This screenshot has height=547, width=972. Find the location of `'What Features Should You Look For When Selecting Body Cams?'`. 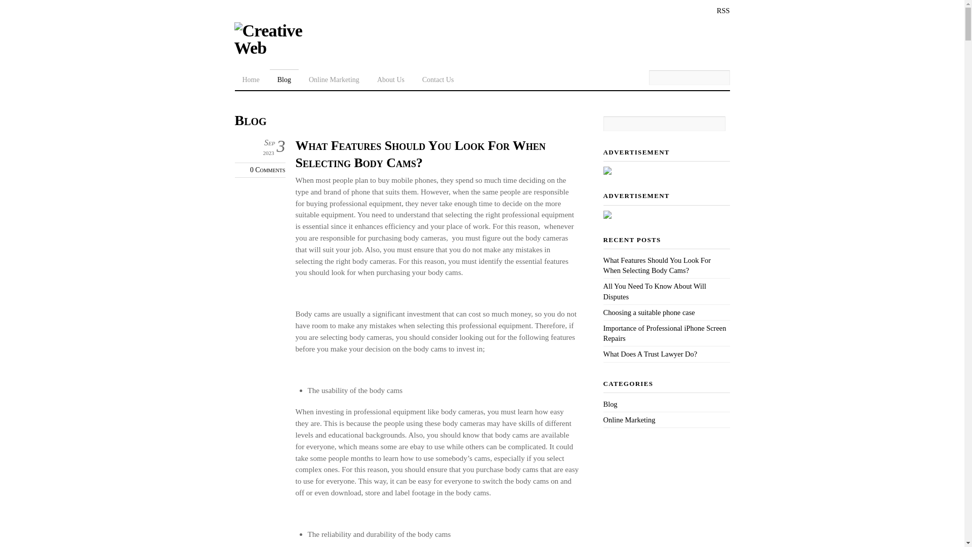

'What Features Should You Look For When Selecting Body Cams?' is located at coordinates (657, 265).